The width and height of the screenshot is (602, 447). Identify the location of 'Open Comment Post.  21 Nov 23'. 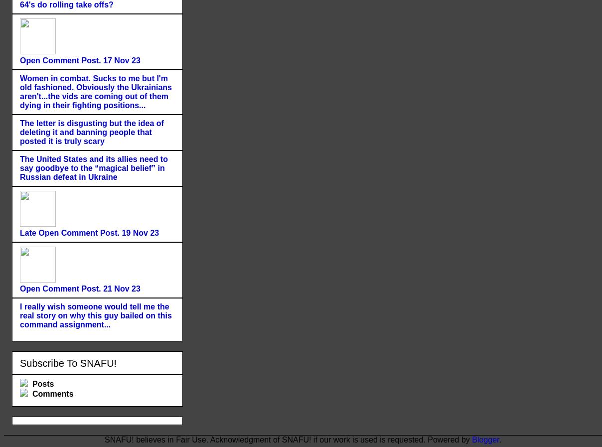
(80, 288).